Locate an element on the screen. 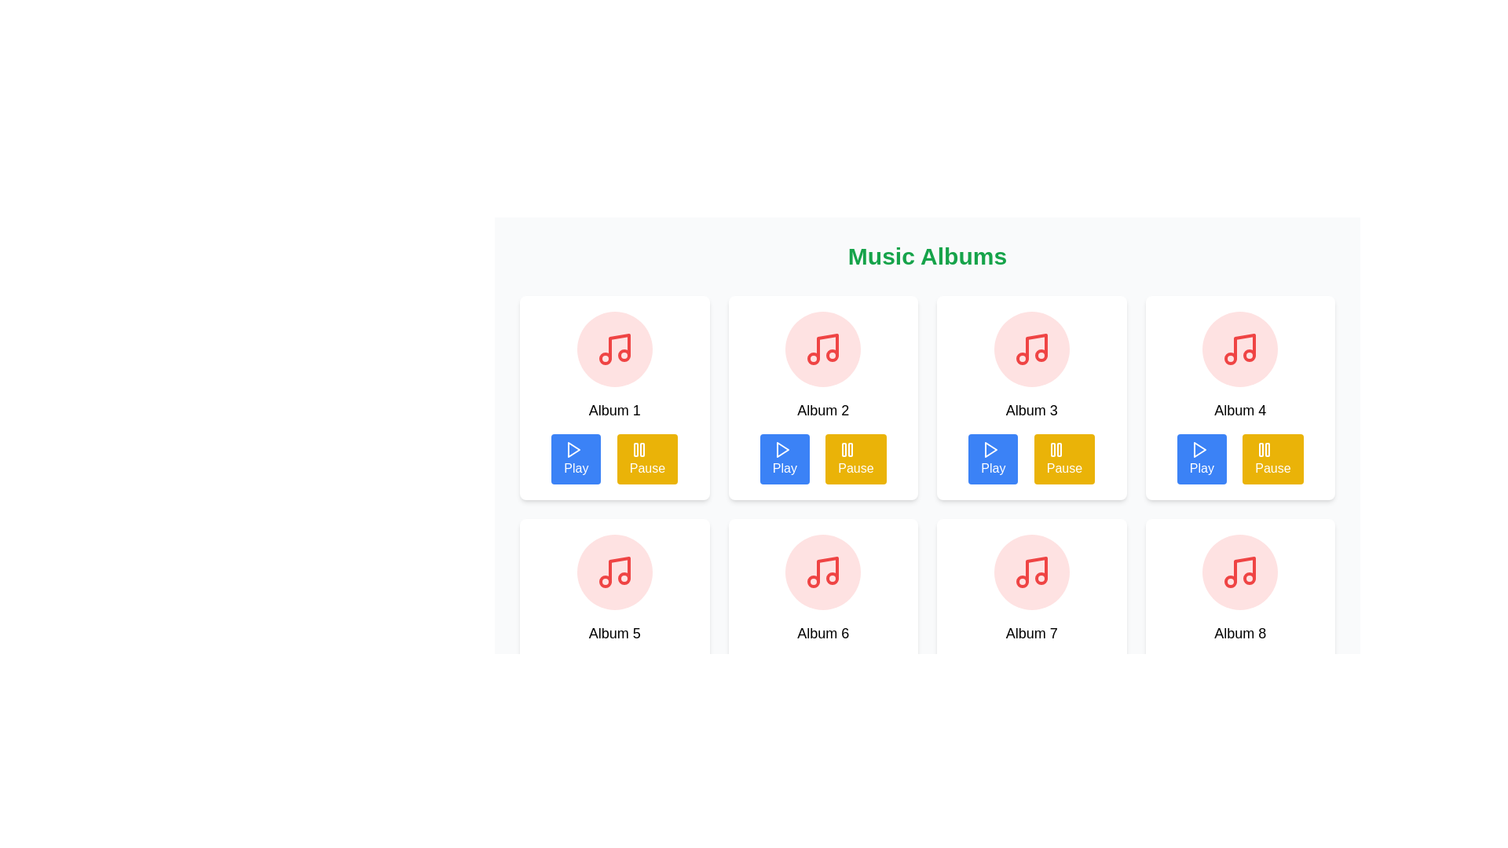 The width and height of the screenshot is (1508, 848). the circular icon representing the album's graphical representation located at the center of the 'Album 8' card in the second row and last column of the grid is located at coordinates (1239, 572).